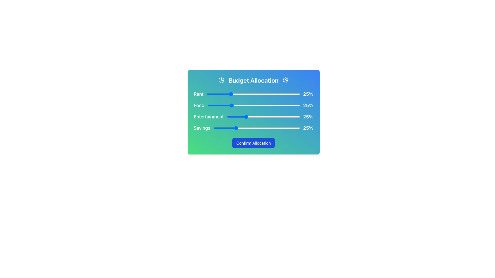 This screenshot has height=278, width=495. I want to click on the savings allocation, so click(263, 128).